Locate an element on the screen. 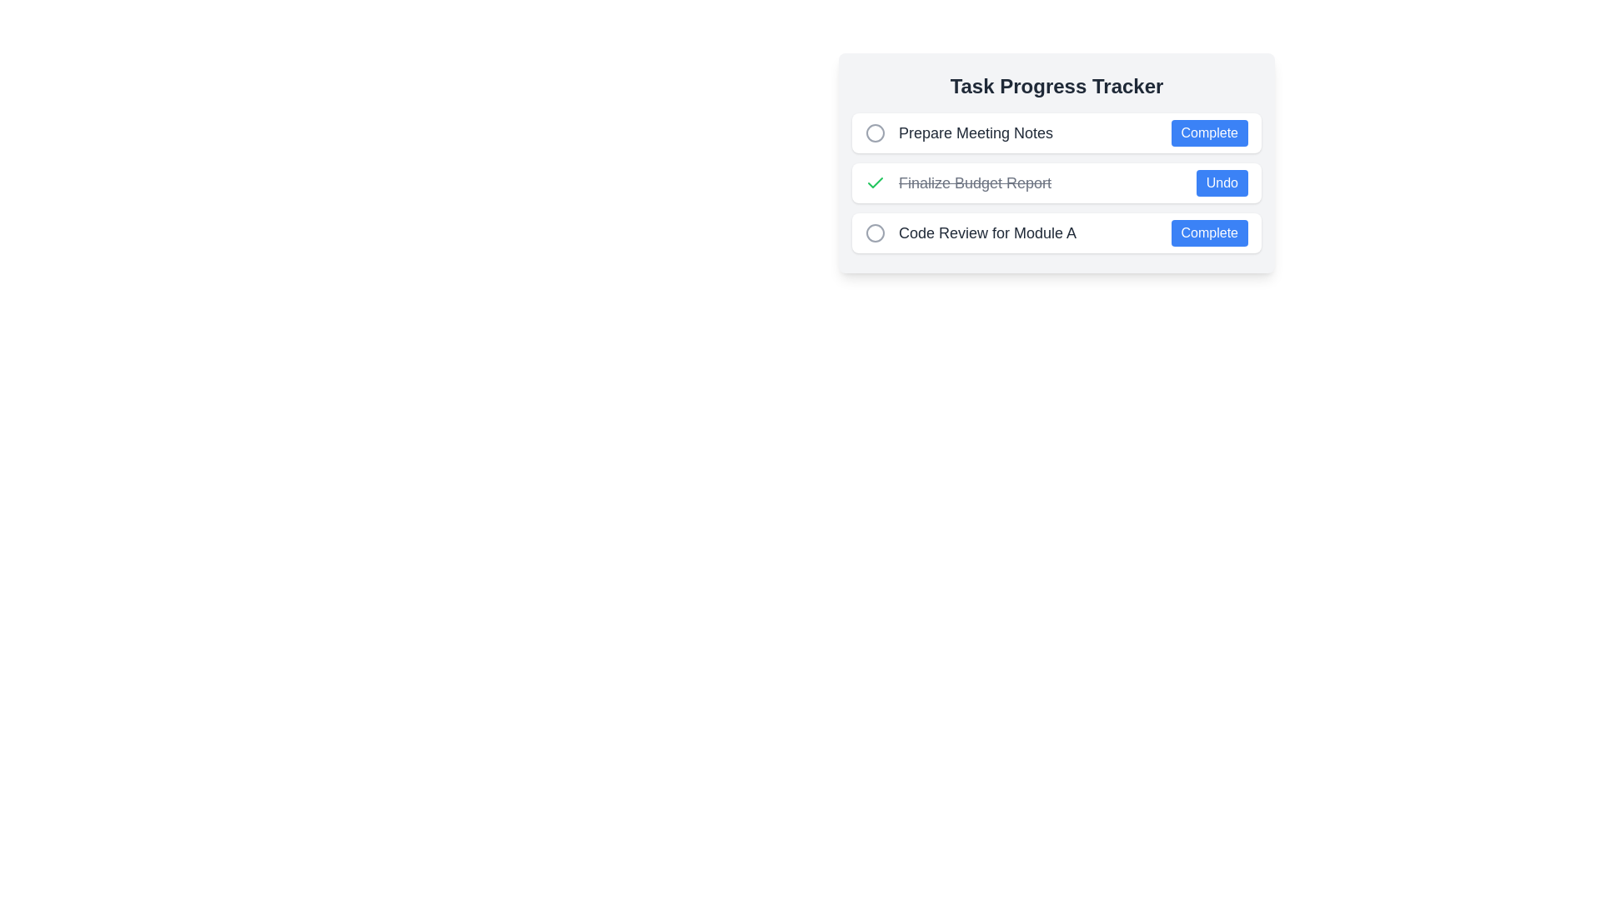 The height and width of the screenshot is (900, 1601). the light gray outlined circle adjacent to the text 'Code Review for Module A' in the task progress tracker is located at coordinates (875, 233).